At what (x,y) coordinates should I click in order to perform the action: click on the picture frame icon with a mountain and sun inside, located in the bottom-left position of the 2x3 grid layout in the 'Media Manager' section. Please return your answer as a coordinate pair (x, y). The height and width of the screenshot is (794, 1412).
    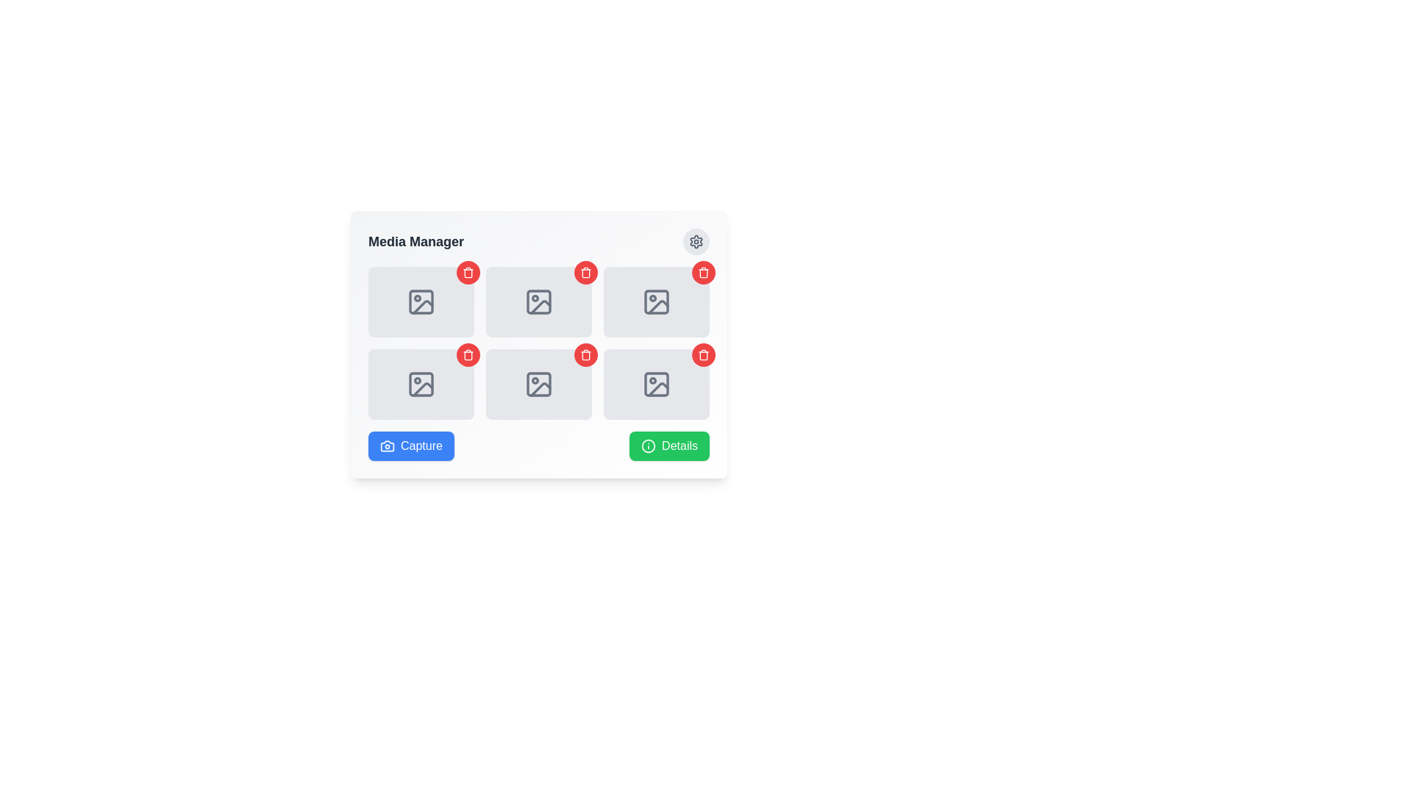
    Looking at the image, I should click on (420, 384).